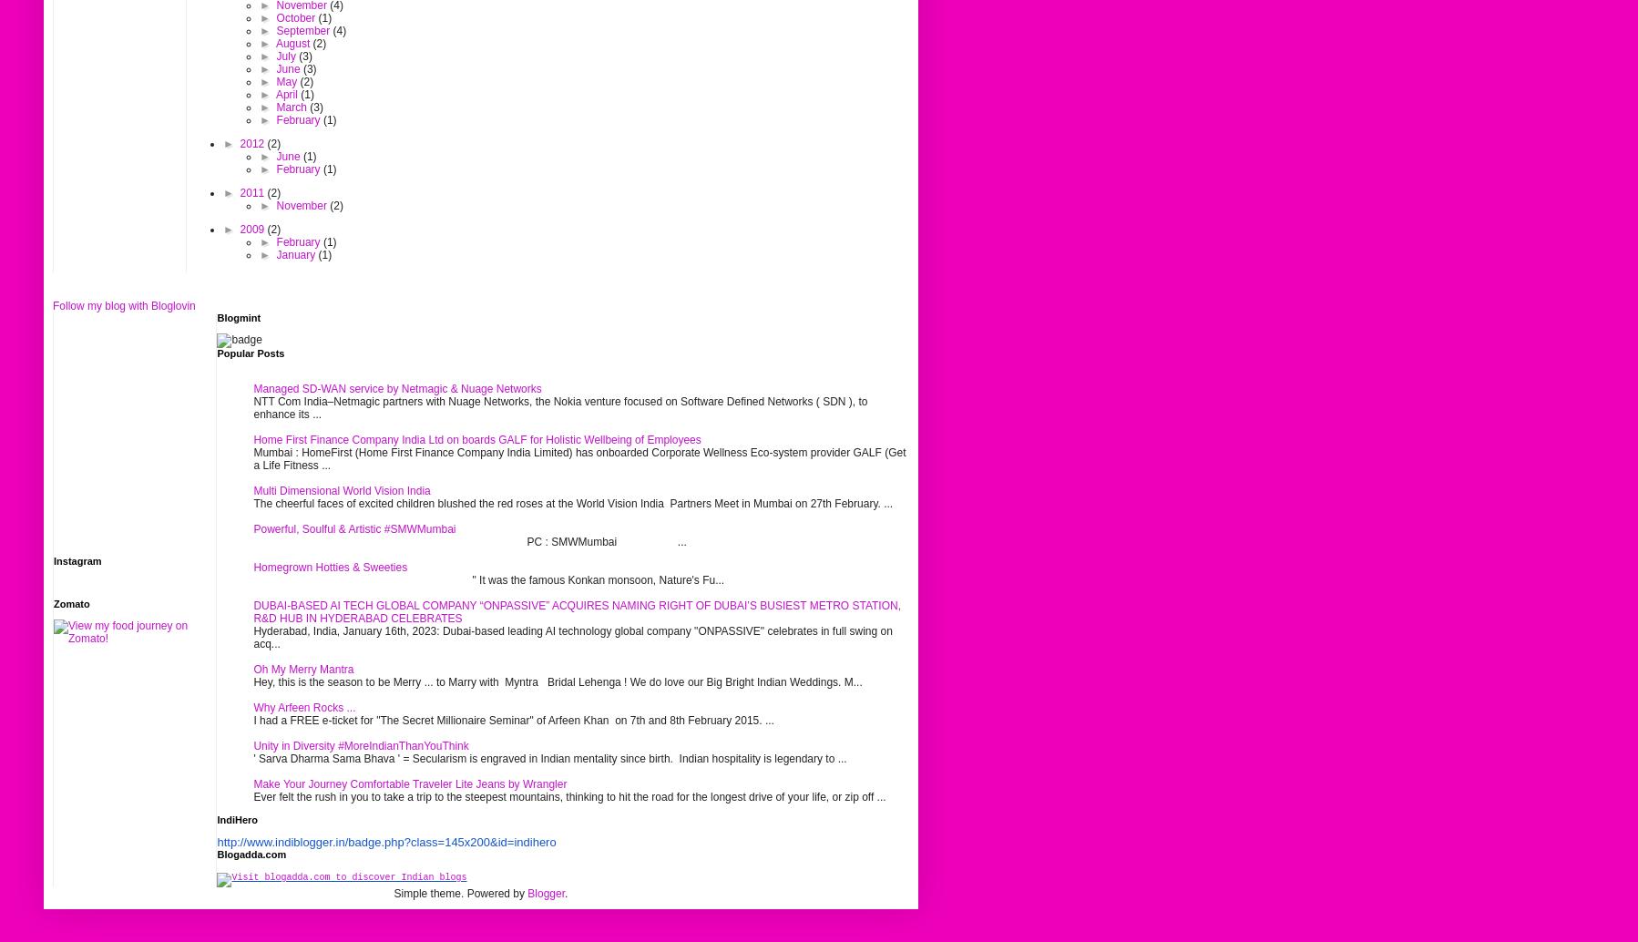  Describe the element at coordinates (292, 43) in the screenshot. I see `'August'` at that location.